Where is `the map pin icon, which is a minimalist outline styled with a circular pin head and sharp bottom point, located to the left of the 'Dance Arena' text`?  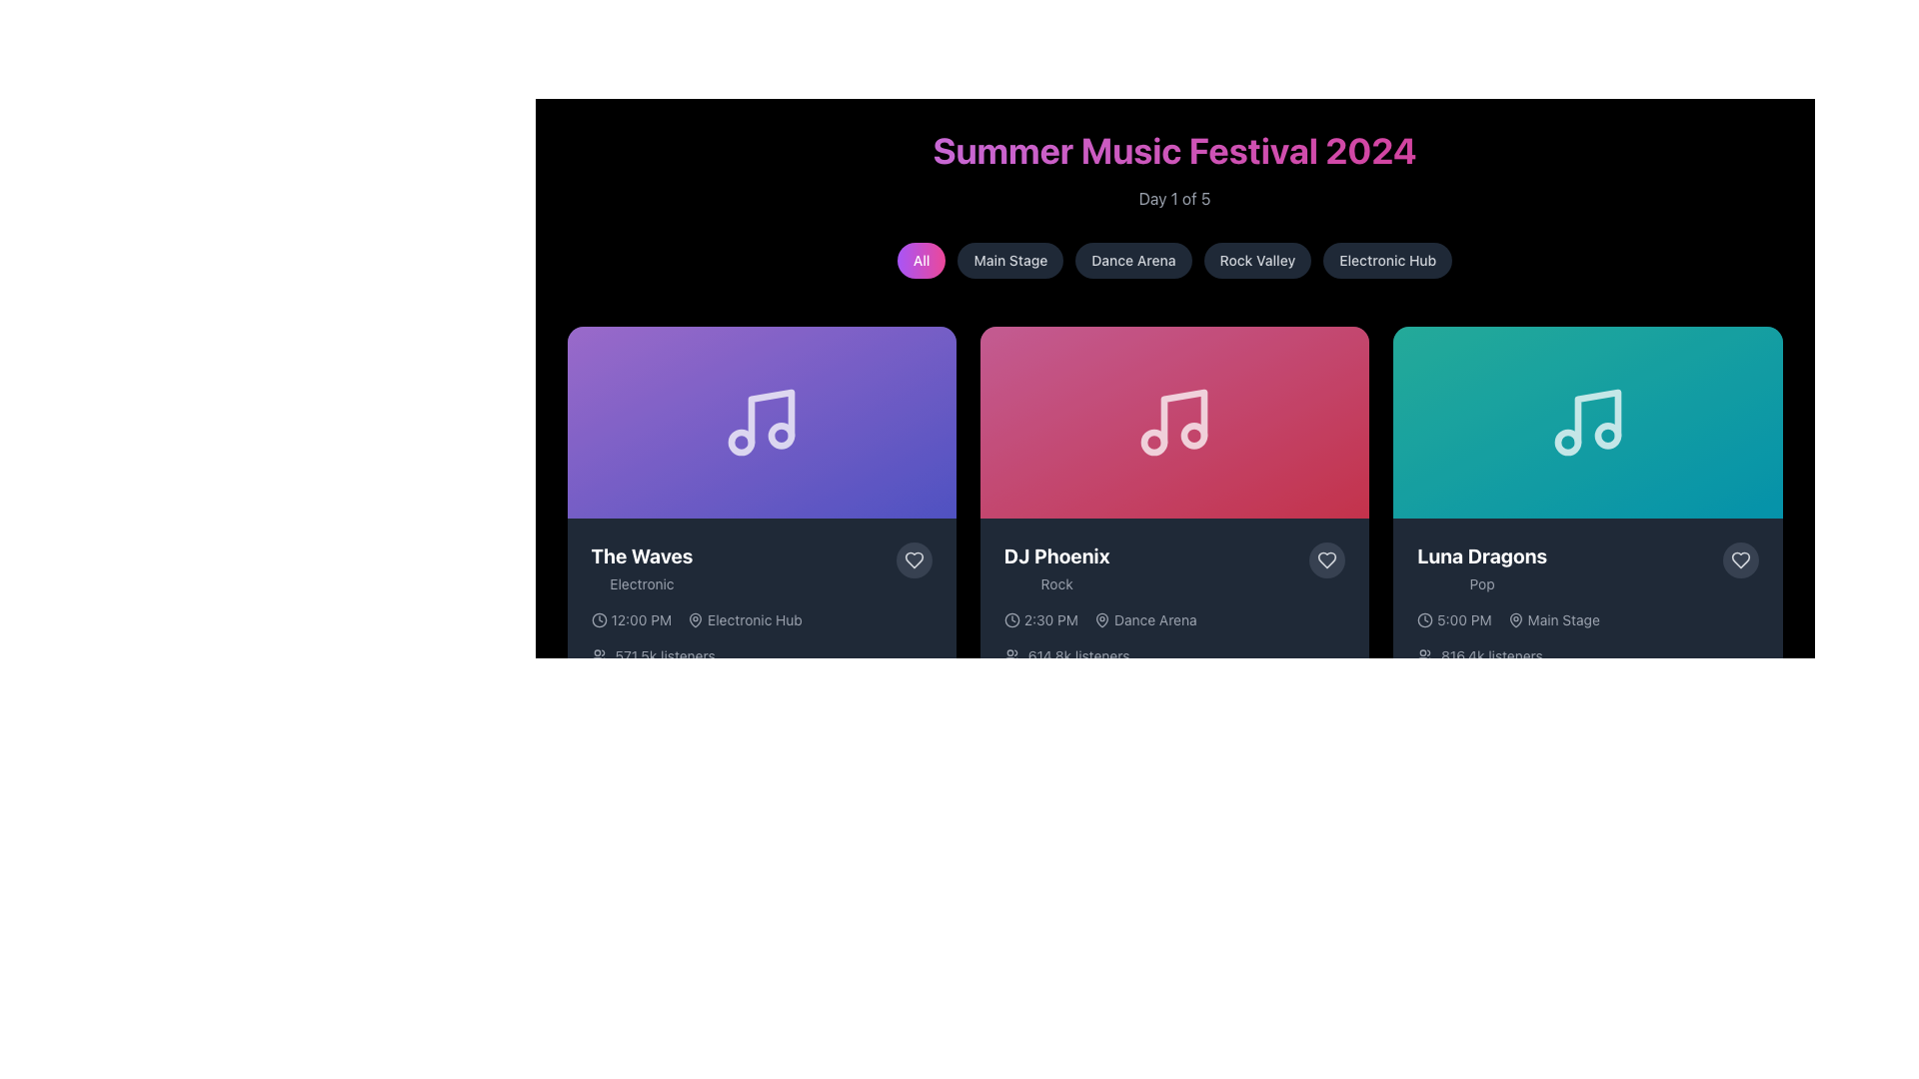
the map pin icon, which is a minimalist outline styled with a circular pin head and sharp bottom point, located to the left of the 'Dance Arena' text is located at coordinates (1101, 619).